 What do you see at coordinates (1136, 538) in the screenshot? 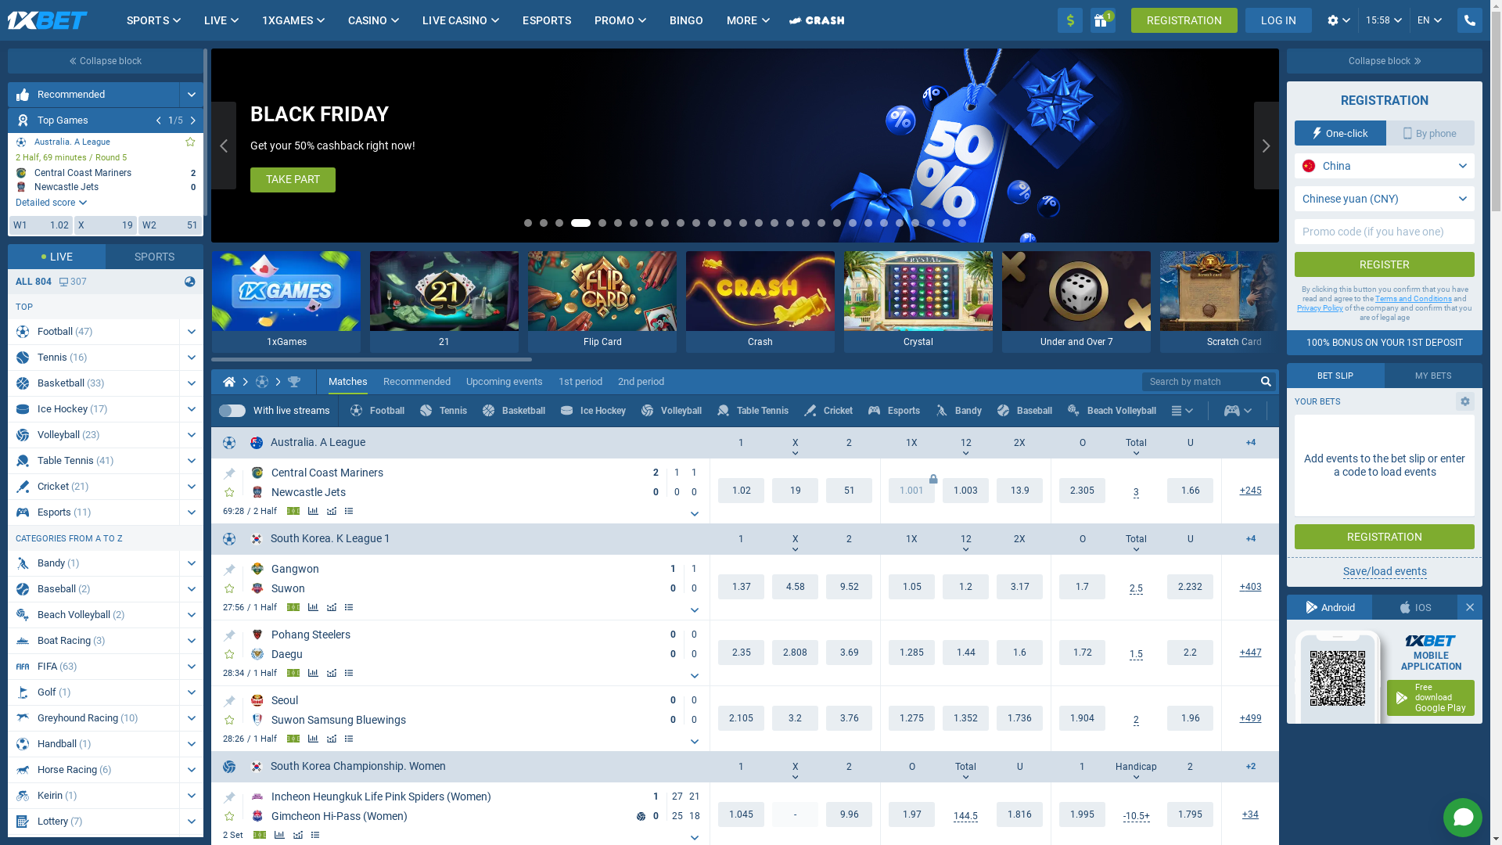
I see `'Total'` at bounding box center [1136, 538].